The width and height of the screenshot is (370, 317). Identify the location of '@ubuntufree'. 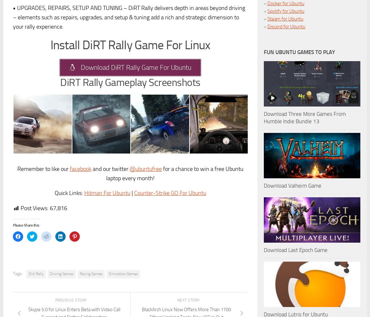
(145, 169).